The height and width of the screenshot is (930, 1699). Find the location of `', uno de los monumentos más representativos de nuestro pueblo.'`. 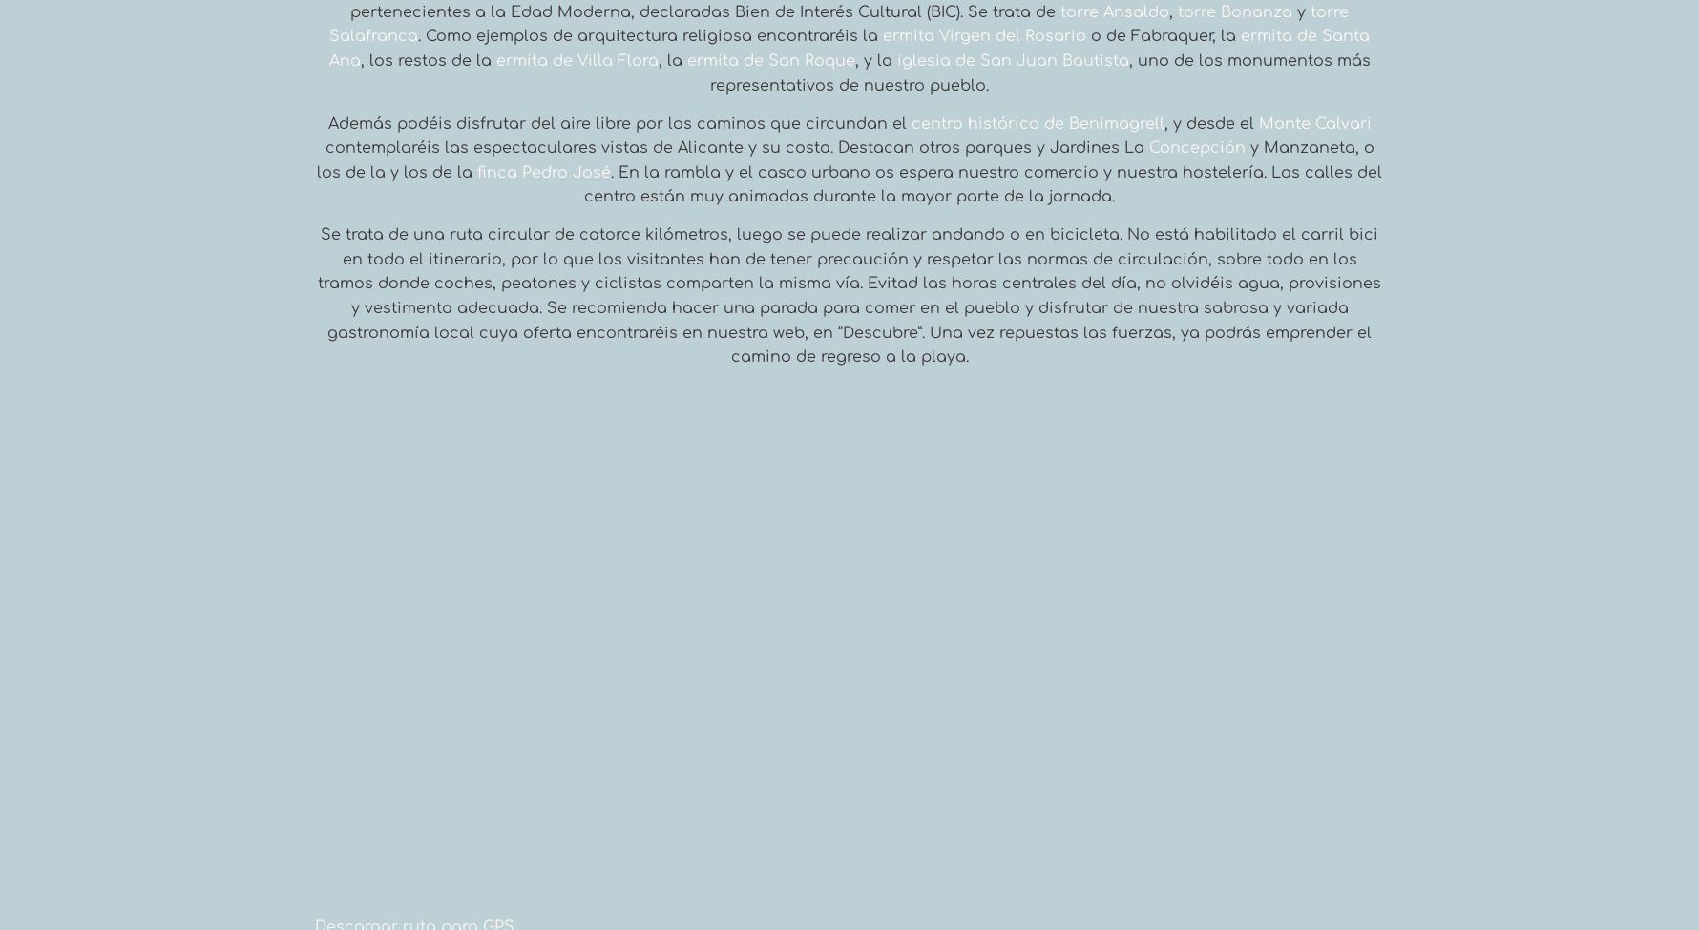

', uno de los monumentos más representativos de nuestro pueblo.' is located at coordinates (1039, 72).